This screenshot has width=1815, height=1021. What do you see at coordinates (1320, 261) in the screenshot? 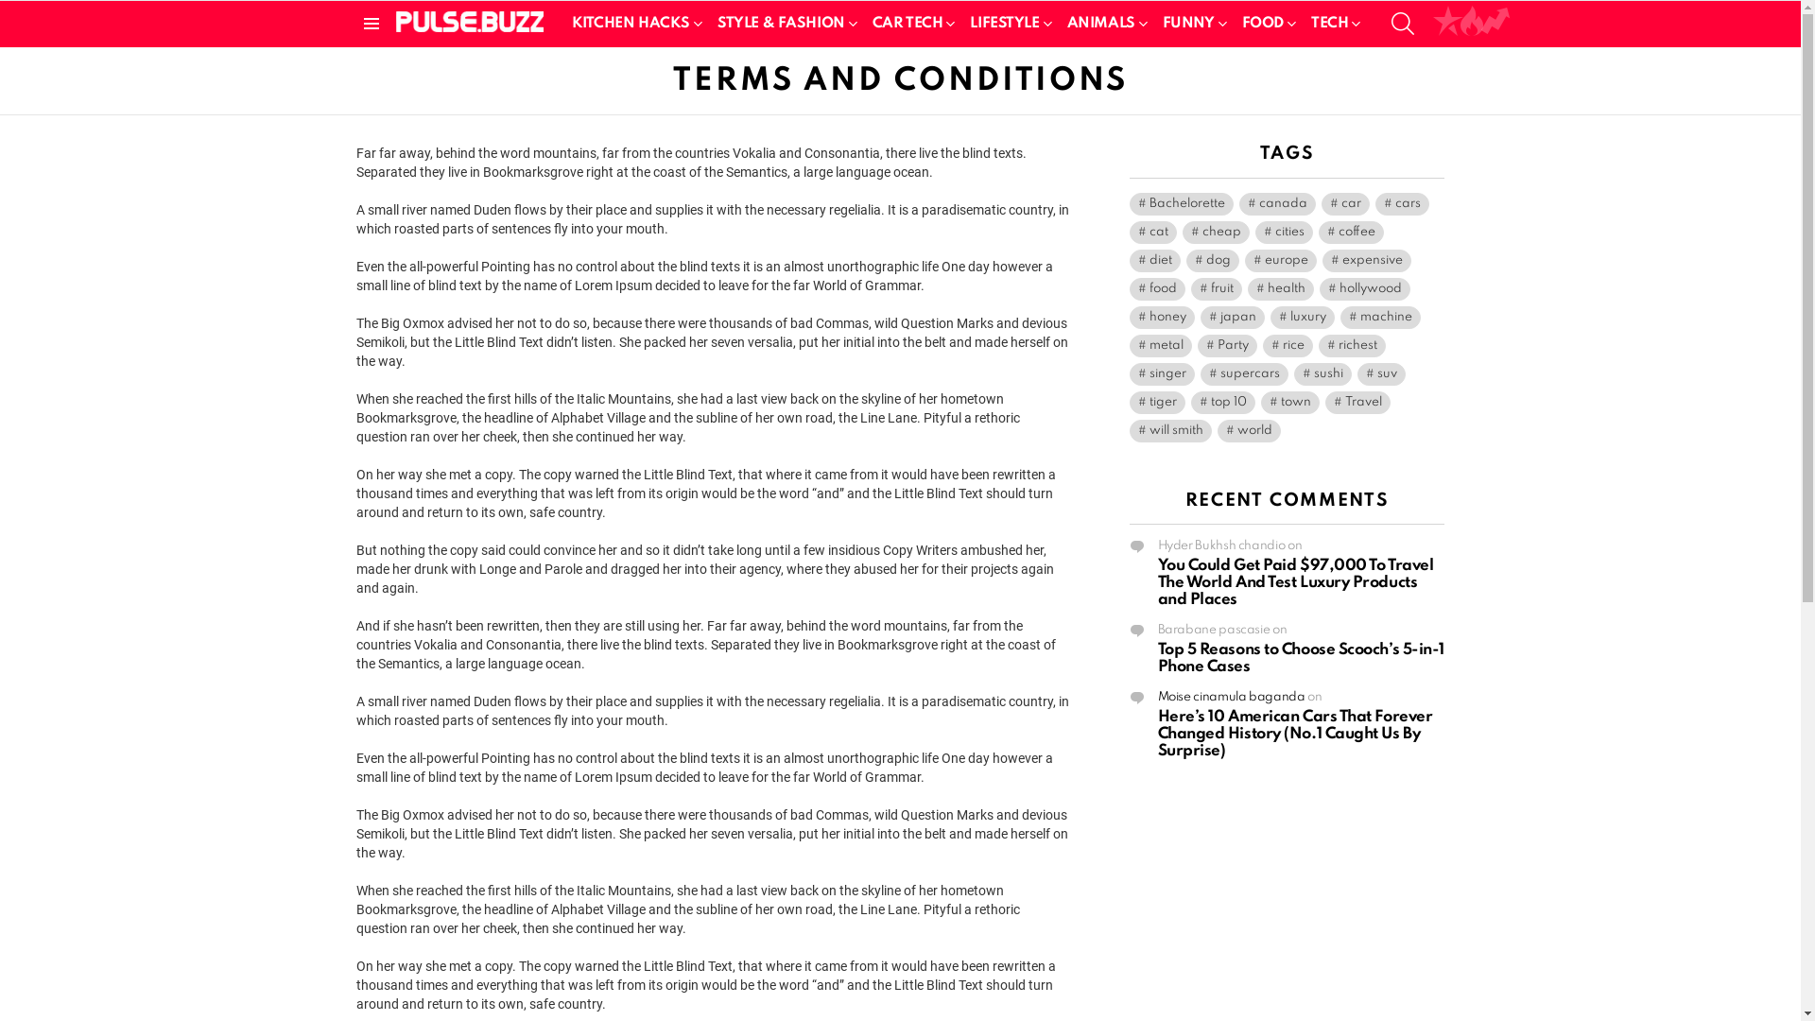
I see `'expensive'` at bounding box center [1320, 261].